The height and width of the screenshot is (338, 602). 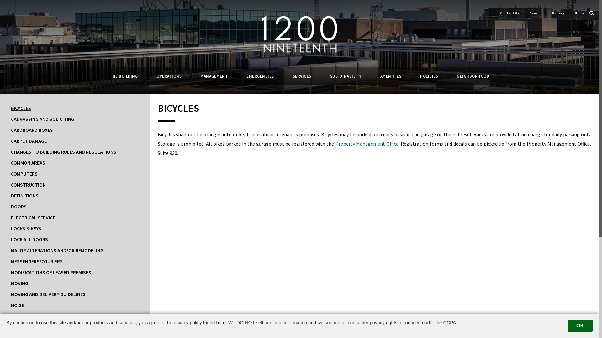 I want to click on 'here', so click(x=221, y=322).